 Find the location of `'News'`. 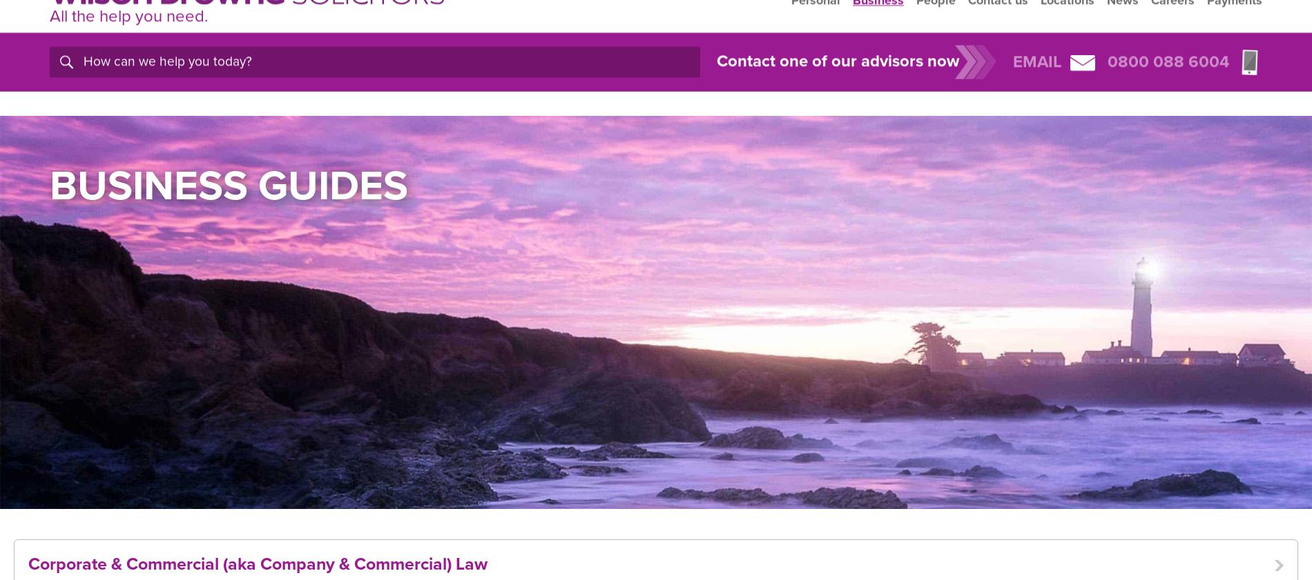

'News' is located at coordinates (1123, 31).